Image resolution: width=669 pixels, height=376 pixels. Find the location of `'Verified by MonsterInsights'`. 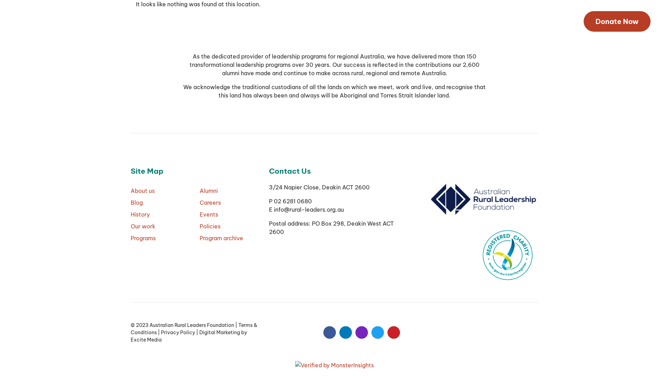

'Verified by MonsterInsights' is located at coordinates (334, 365).